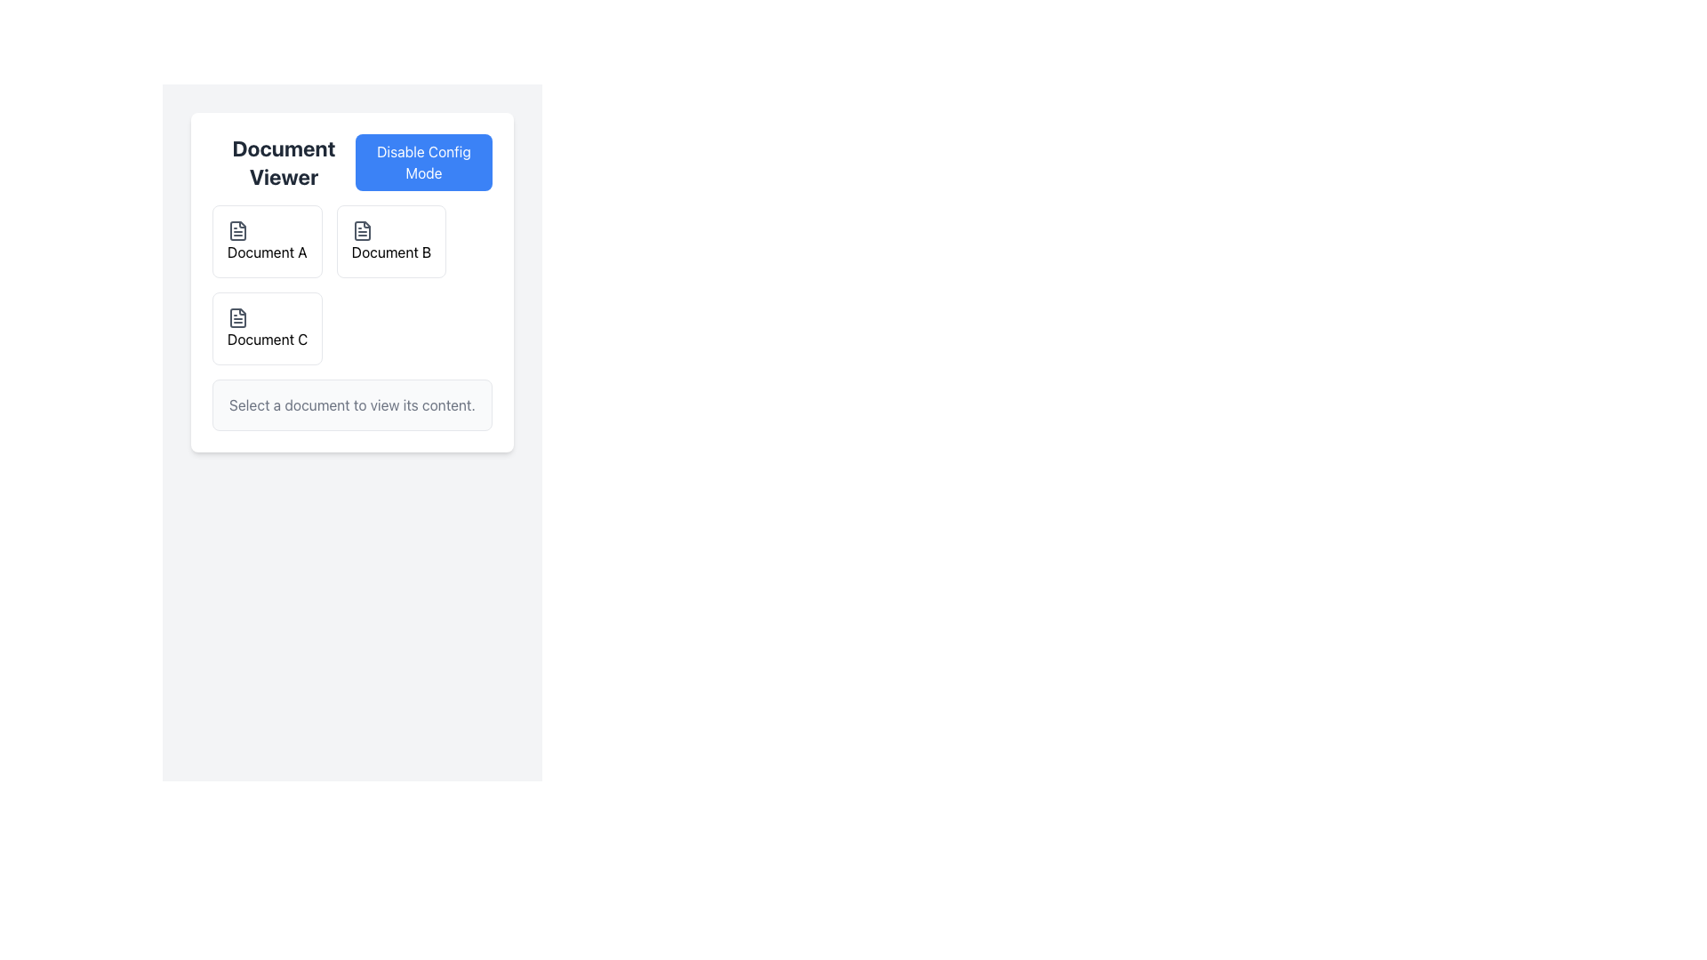  I want to click on the Informational Text Box with light gray background and gray border that contains the text 'Select a document, so click(352, 404).